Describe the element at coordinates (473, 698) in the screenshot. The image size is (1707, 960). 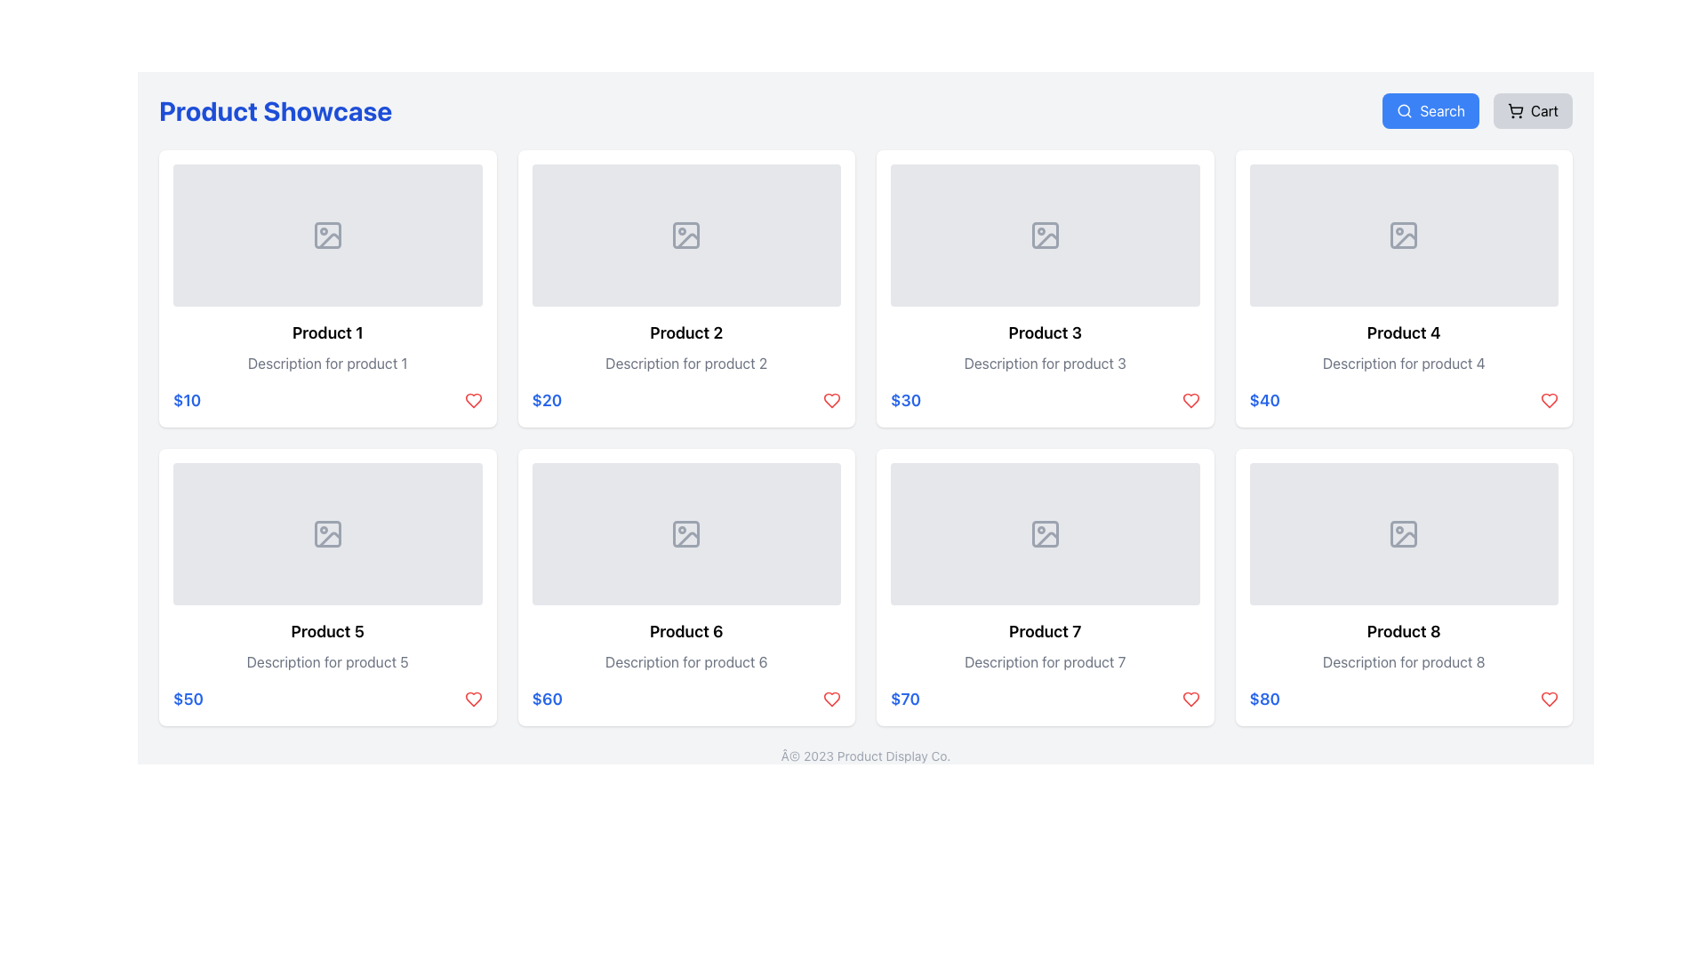
I see `the heart icon located in the bottom-right corner of the 'Product 5' card` at that location.